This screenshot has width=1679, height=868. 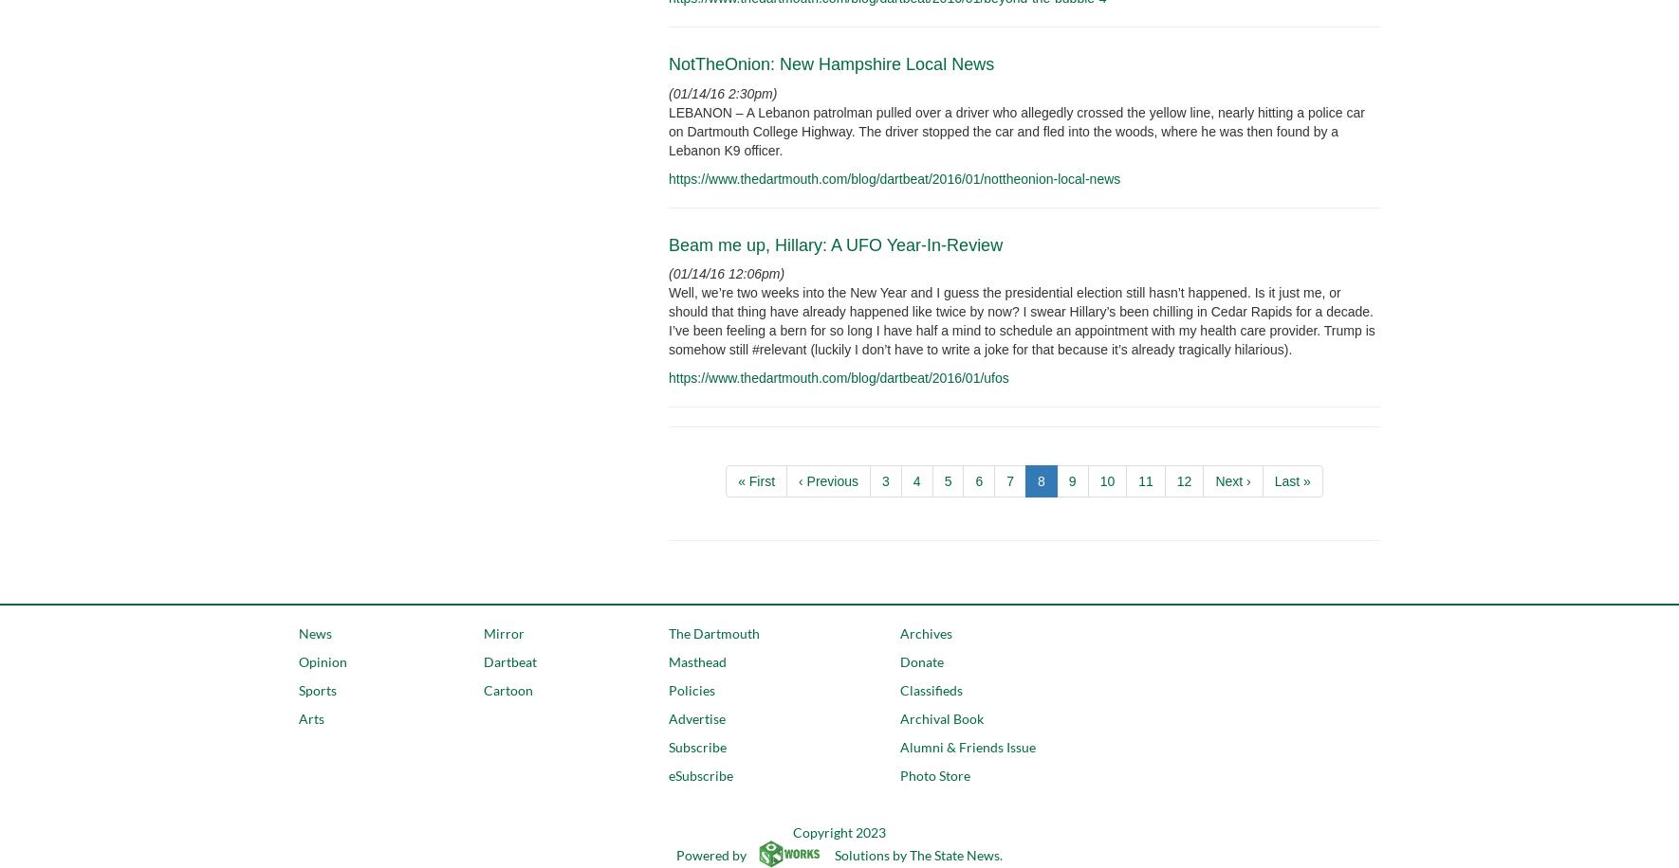 I want to click on '(01/14/16 2:30pm)', so click(x=722, y=92).